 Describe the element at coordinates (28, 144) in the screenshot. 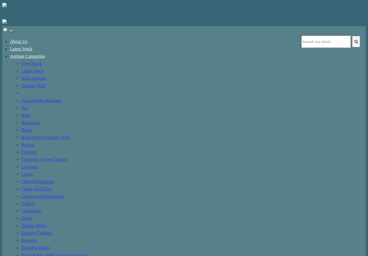

I see `'Bureau'` at that location.